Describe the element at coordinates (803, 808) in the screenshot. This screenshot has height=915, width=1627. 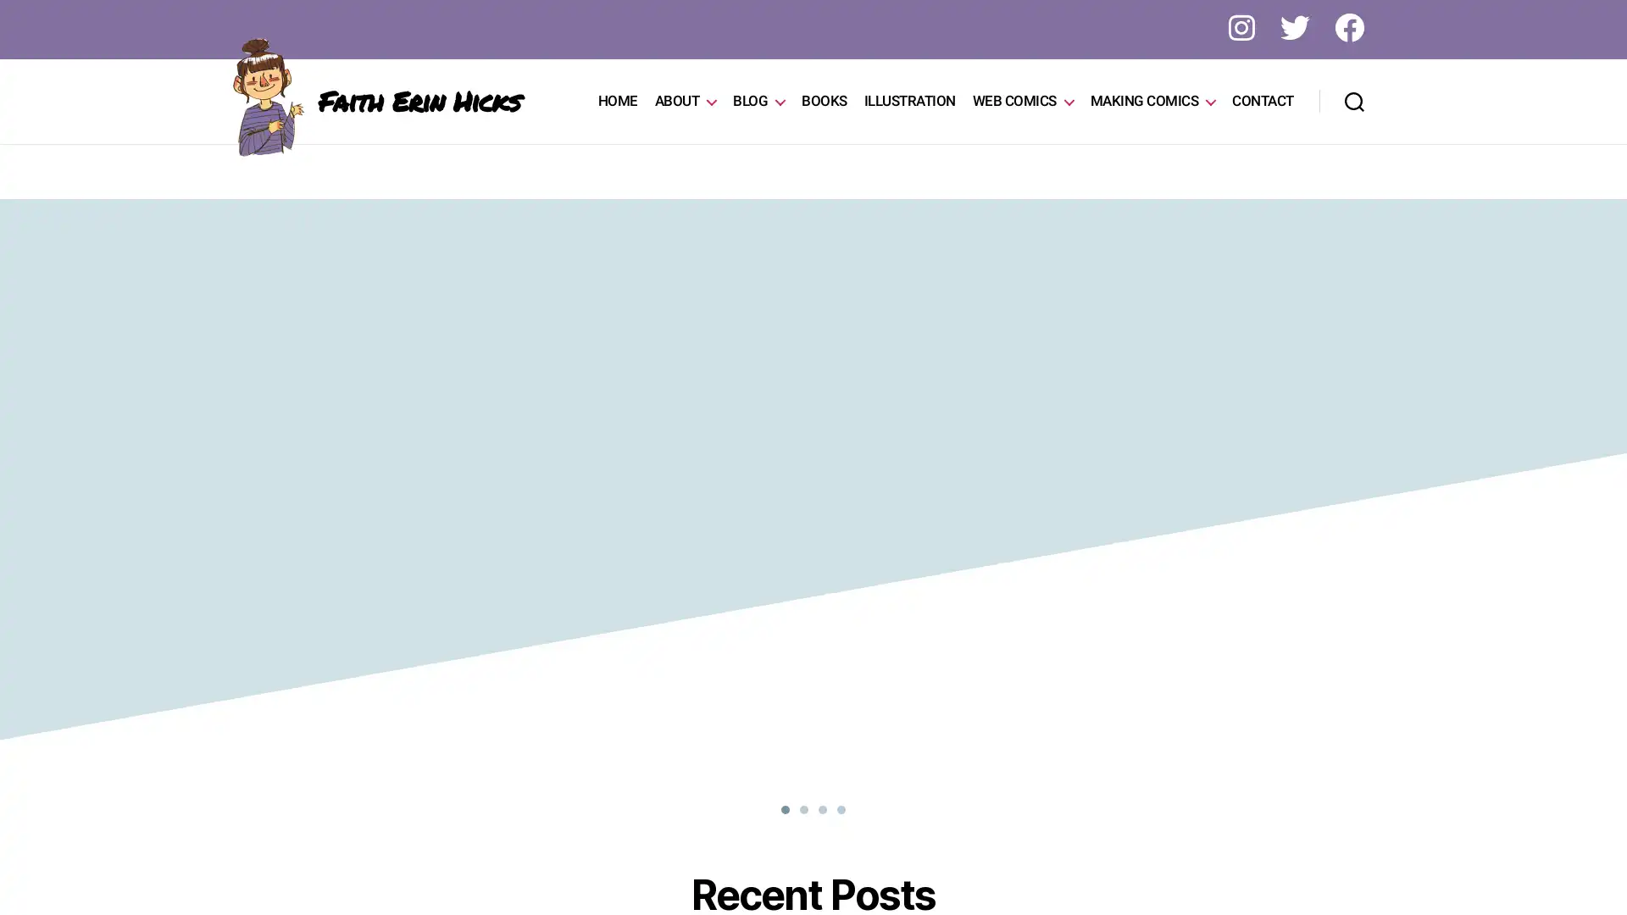
I see `Slide 2` at that location.